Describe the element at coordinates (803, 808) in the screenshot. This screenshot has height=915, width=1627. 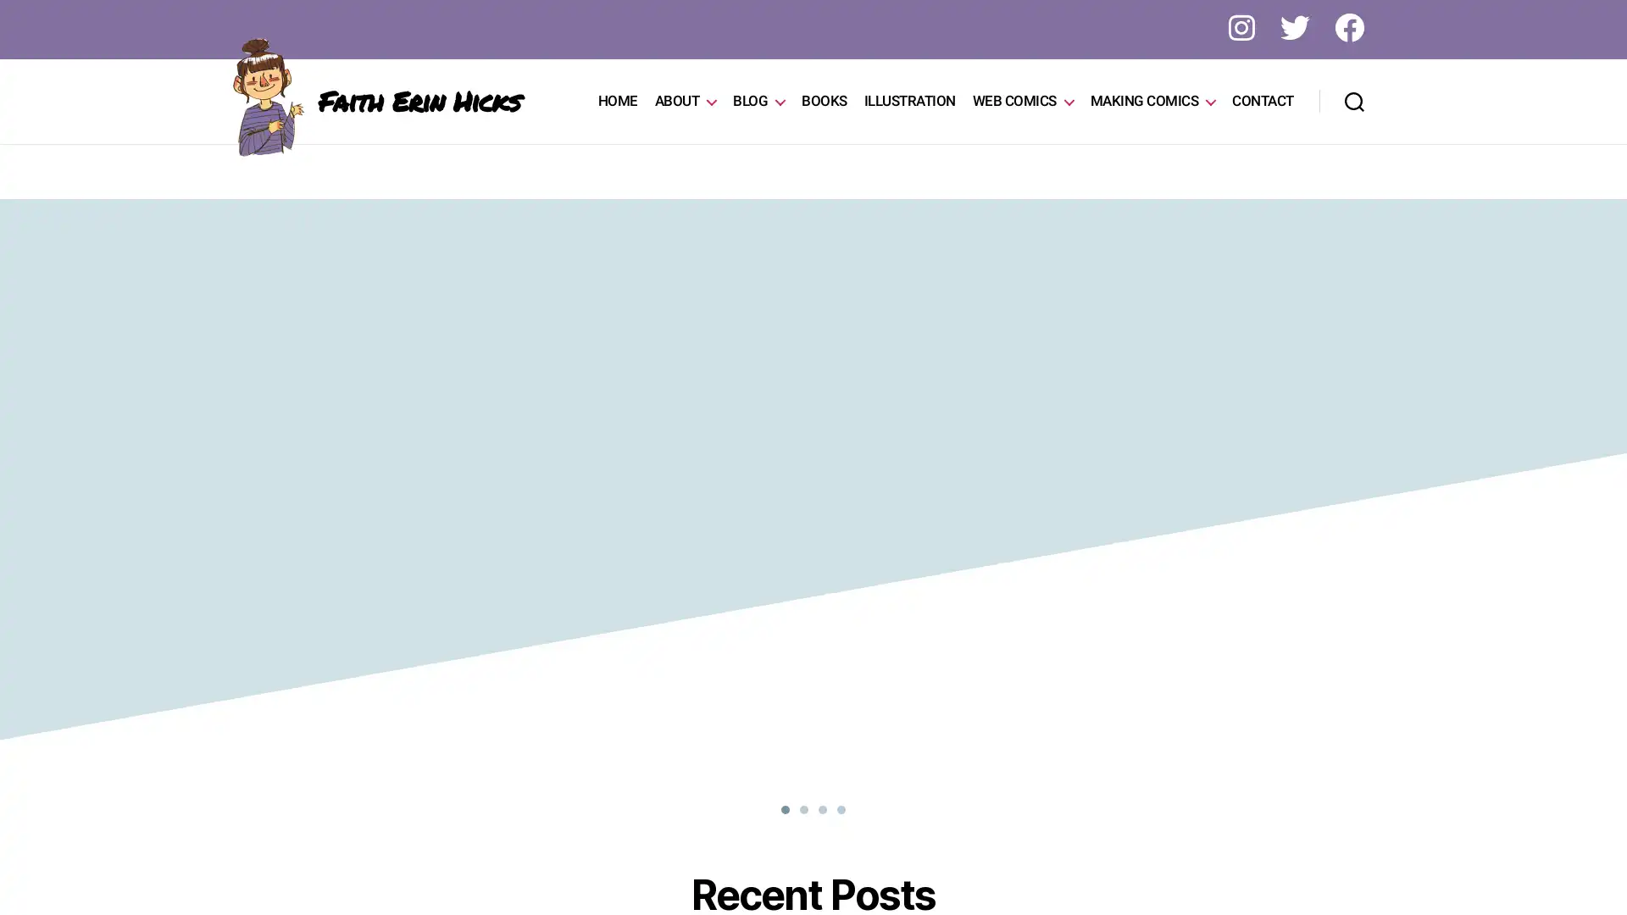
I see `Slide 2` at that location.